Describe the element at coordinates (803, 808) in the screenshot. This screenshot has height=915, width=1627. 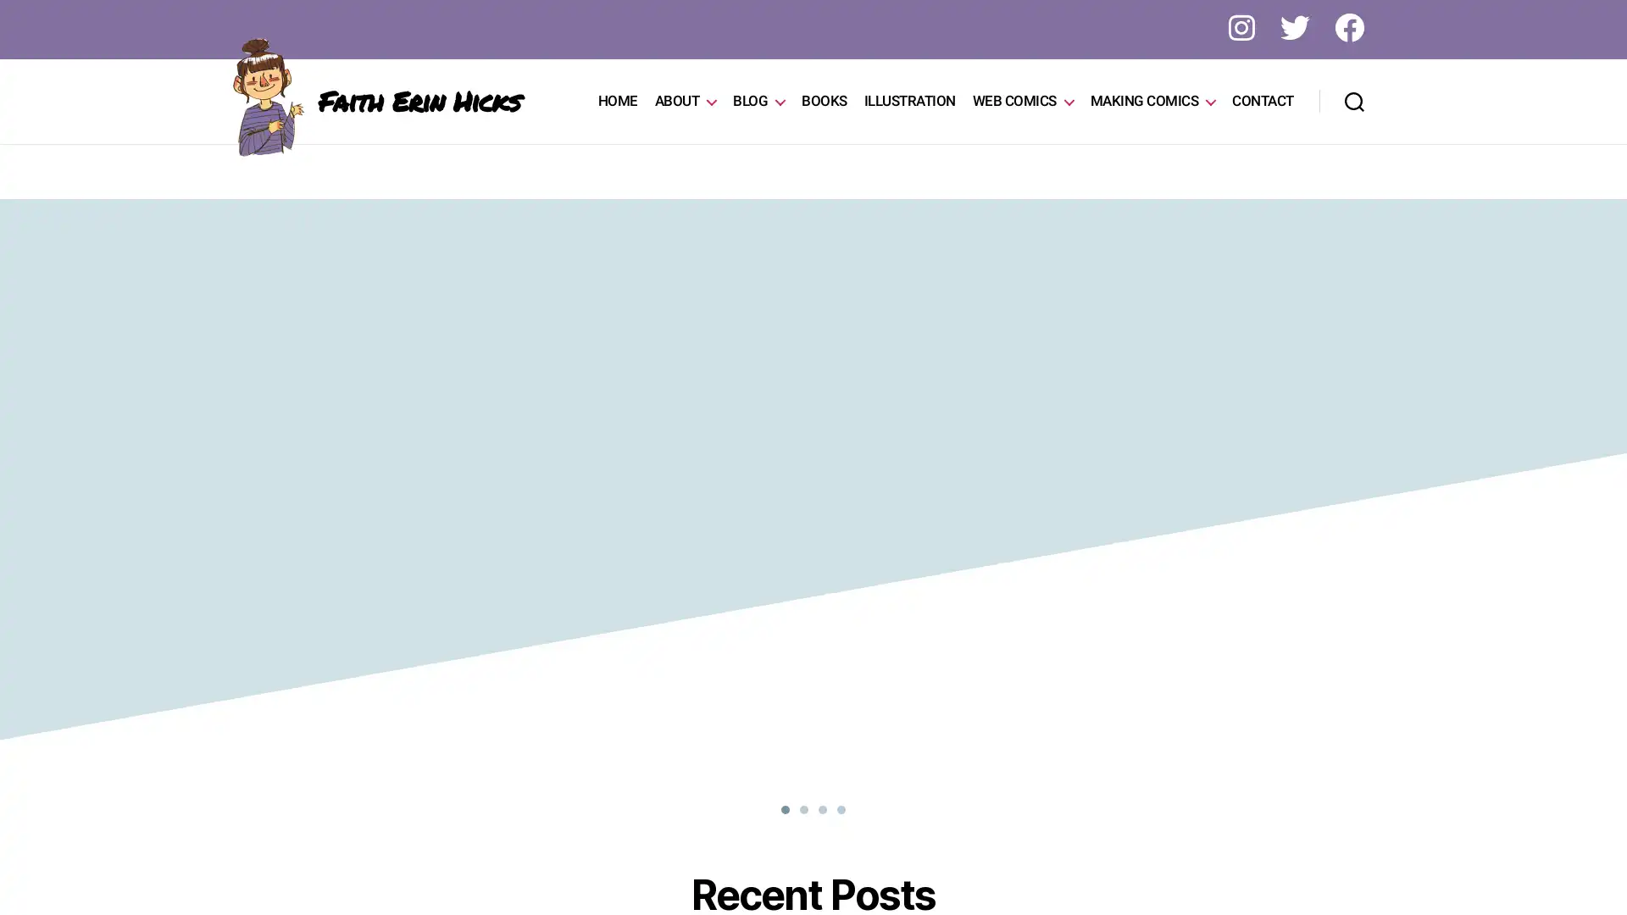
I see `Slide 2` at that location.